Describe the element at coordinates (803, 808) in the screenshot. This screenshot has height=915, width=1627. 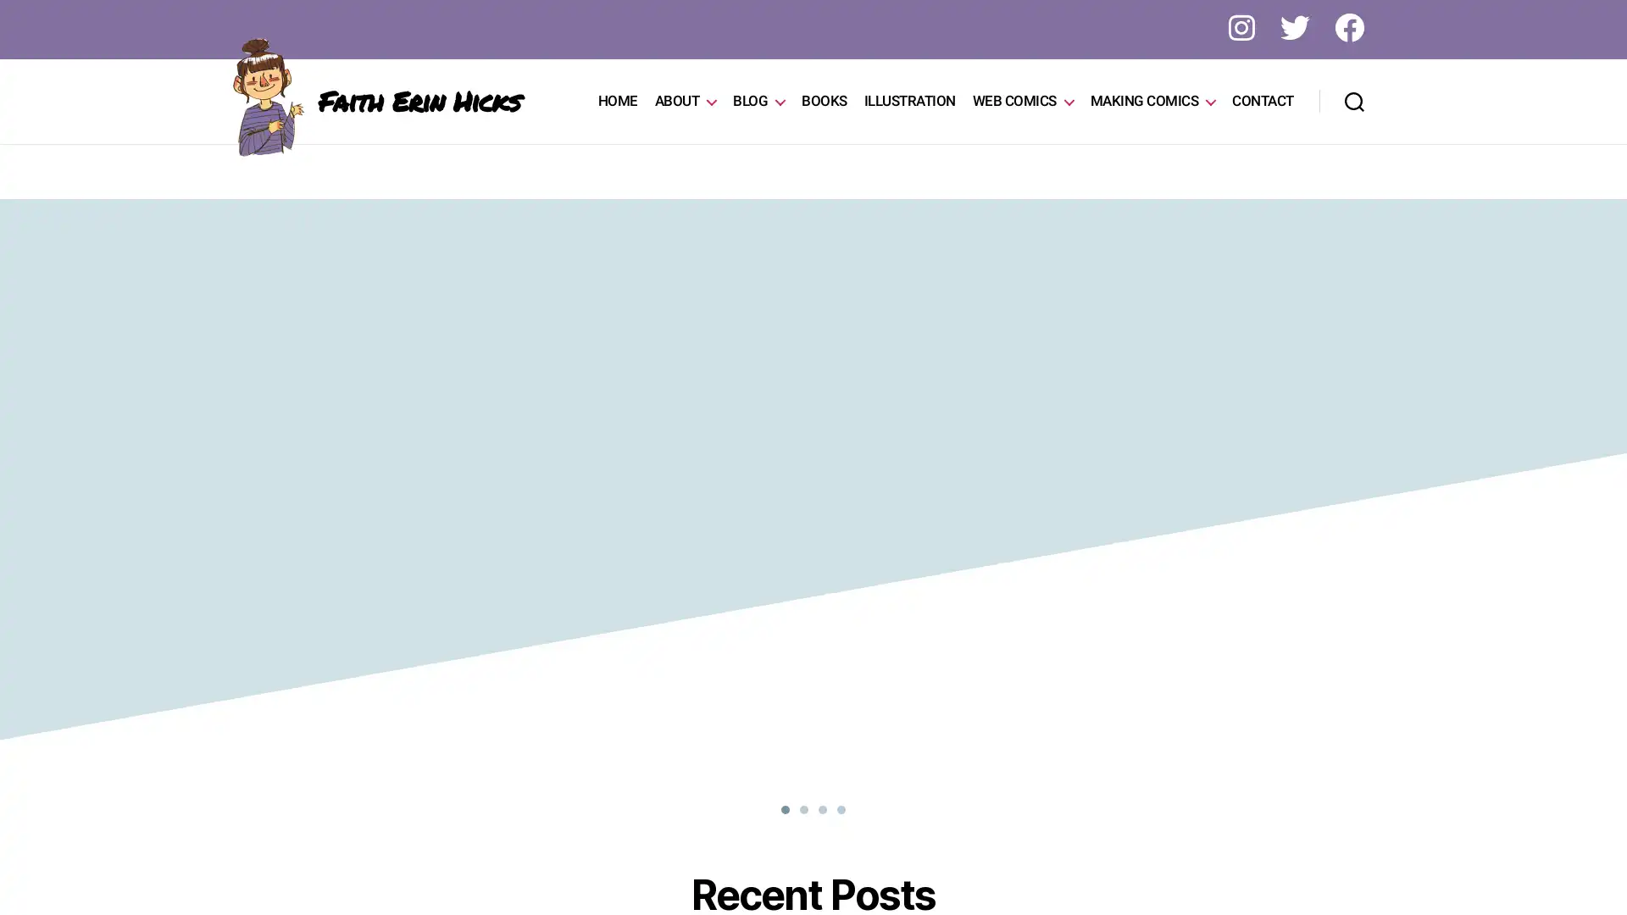
I see `Slide 2` at that location.